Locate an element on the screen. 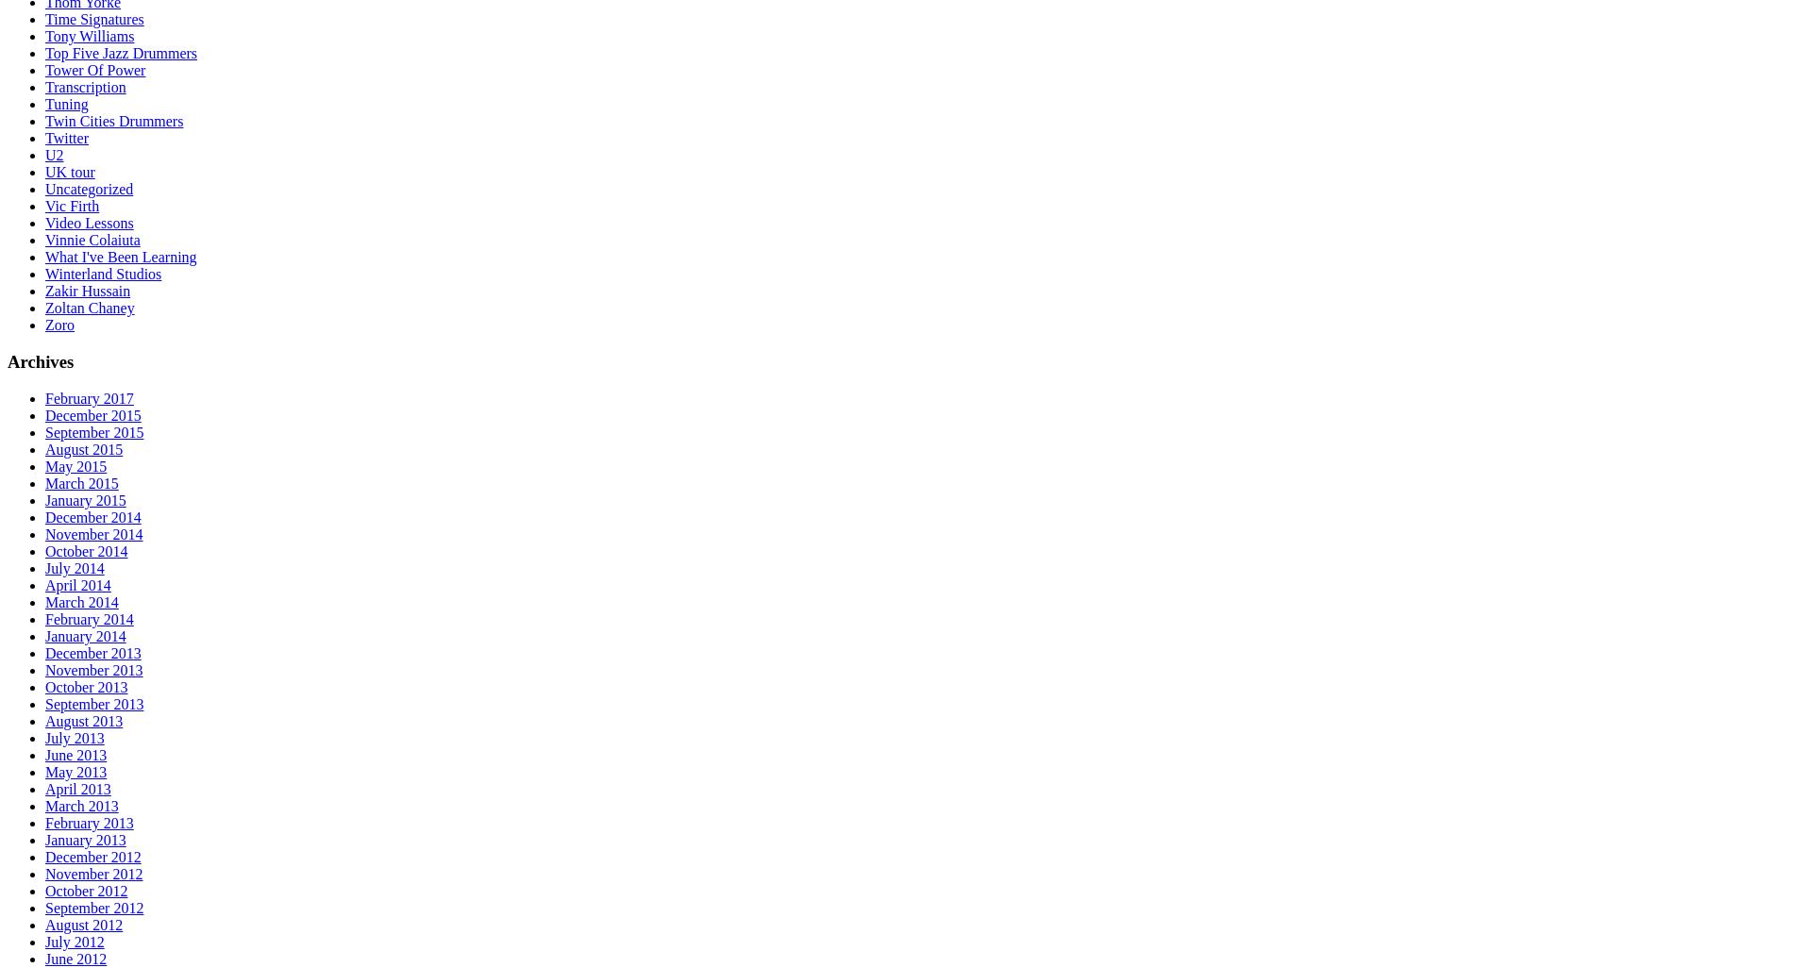 The width and height of the screenshot is (1793, 968). 'September 2013' is located at coordinates (93, 703).